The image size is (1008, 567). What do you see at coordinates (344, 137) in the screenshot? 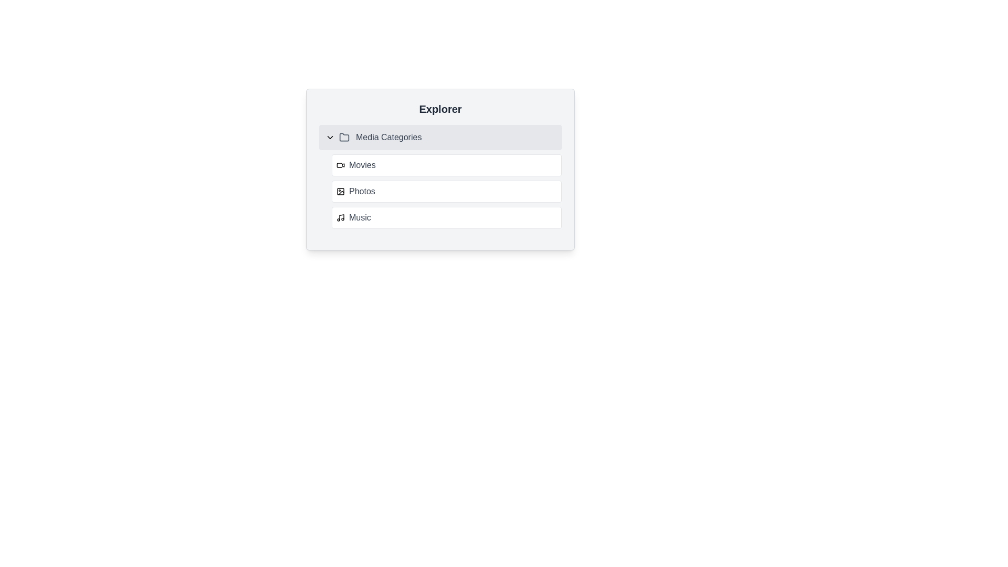
I see `the visual representation of the folder icon, which is a gray SVG graphic with rounded corners located between the chevron-down icon and the text 'Media Categories' within the 'Explorer' section` at bounding box center [344, 137].